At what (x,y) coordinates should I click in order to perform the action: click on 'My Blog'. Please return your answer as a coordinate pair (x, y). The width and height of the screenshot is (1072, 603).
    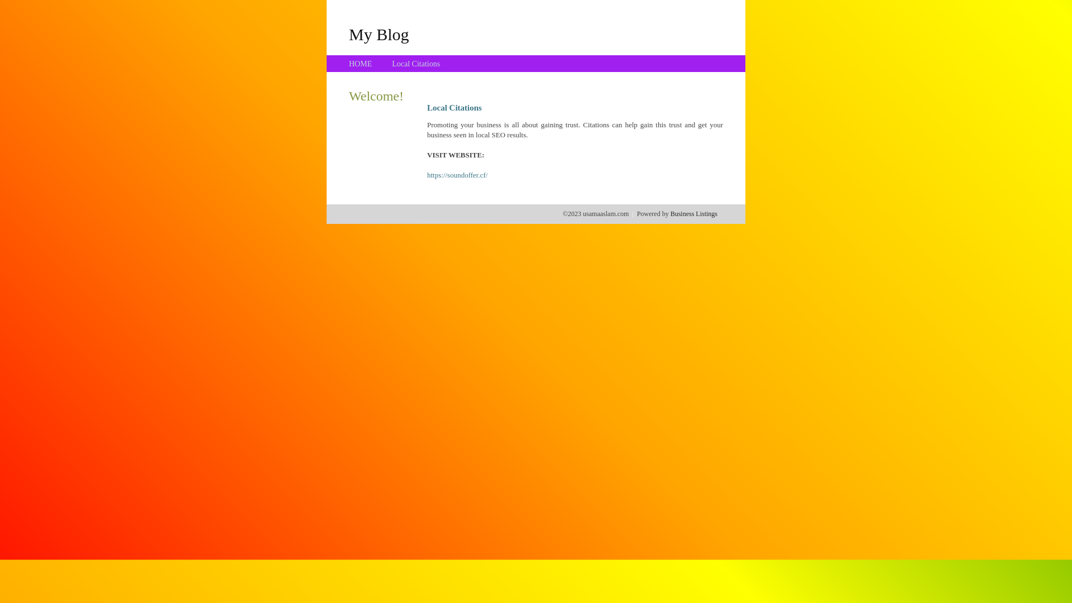
    Looking at the image, I should click on (379, 33).